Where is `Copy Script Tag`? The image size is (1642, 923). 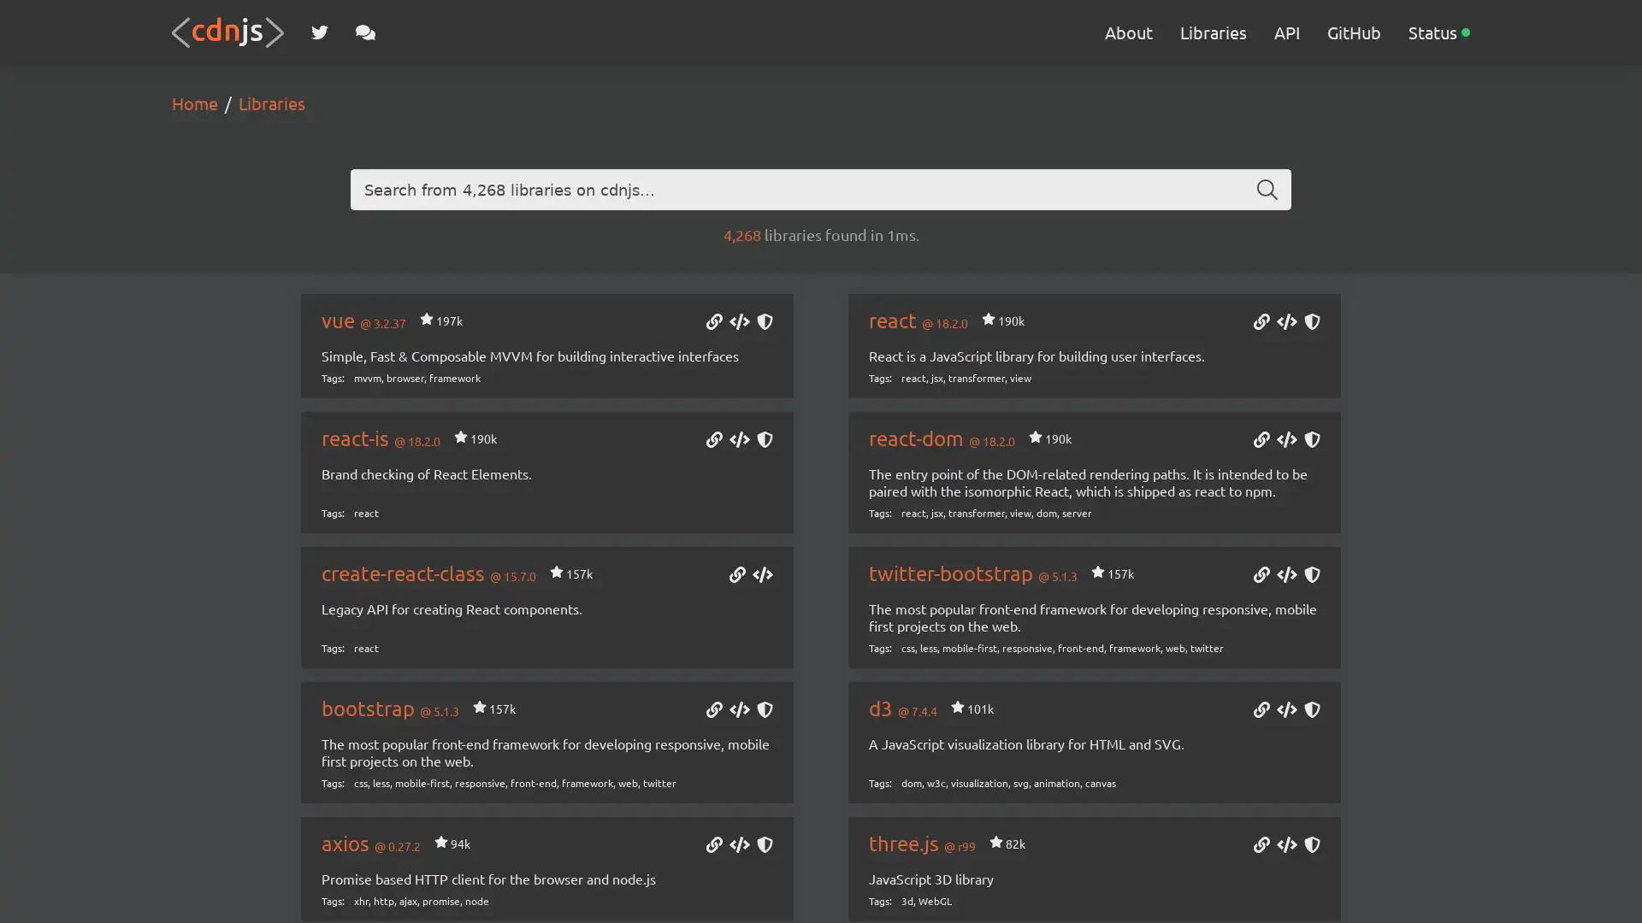
Copy Script Tag is located at coordinates (1285, 576).